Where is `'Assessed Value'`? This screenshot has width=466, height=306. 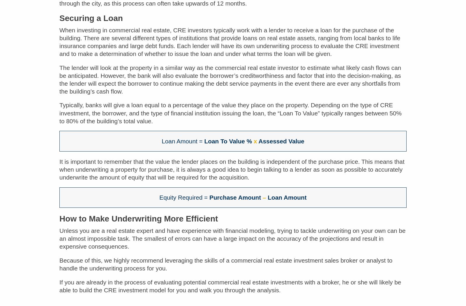
'Assessed Value' is located at coordinates (280, 145).